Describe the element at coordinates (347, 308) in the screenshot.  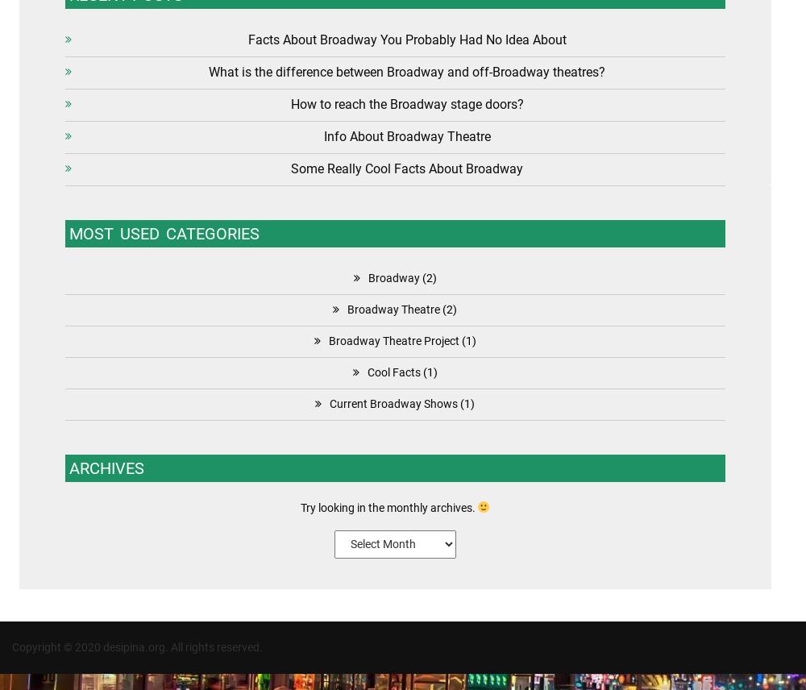
I see `'Broadway Theatre'` at that location.